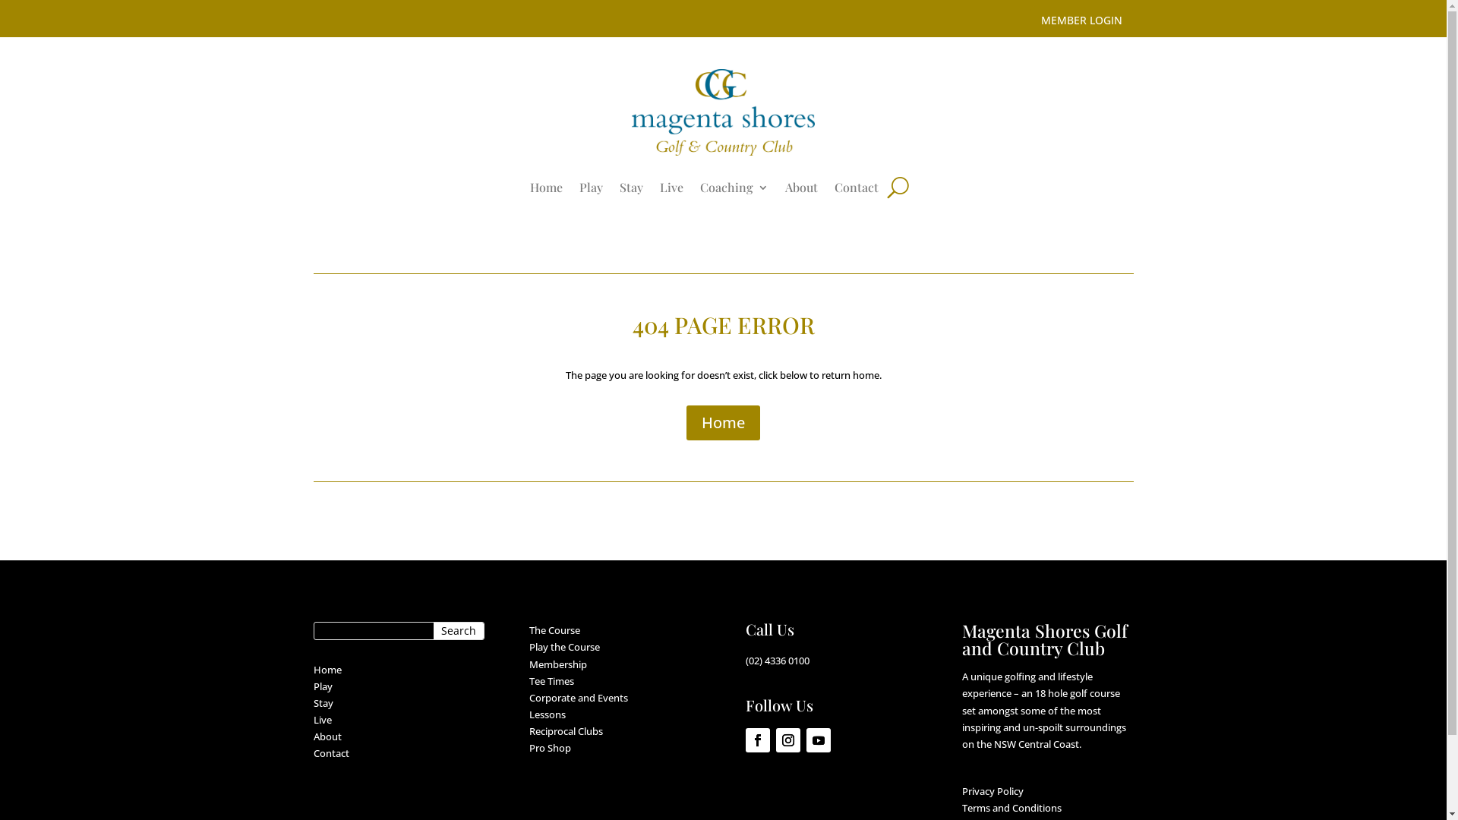 This screenshot has width=1458, height=820. Describe the element at coordinates (805, 740) in the screenshot. I see `'Follow on Youtube'` at that location.